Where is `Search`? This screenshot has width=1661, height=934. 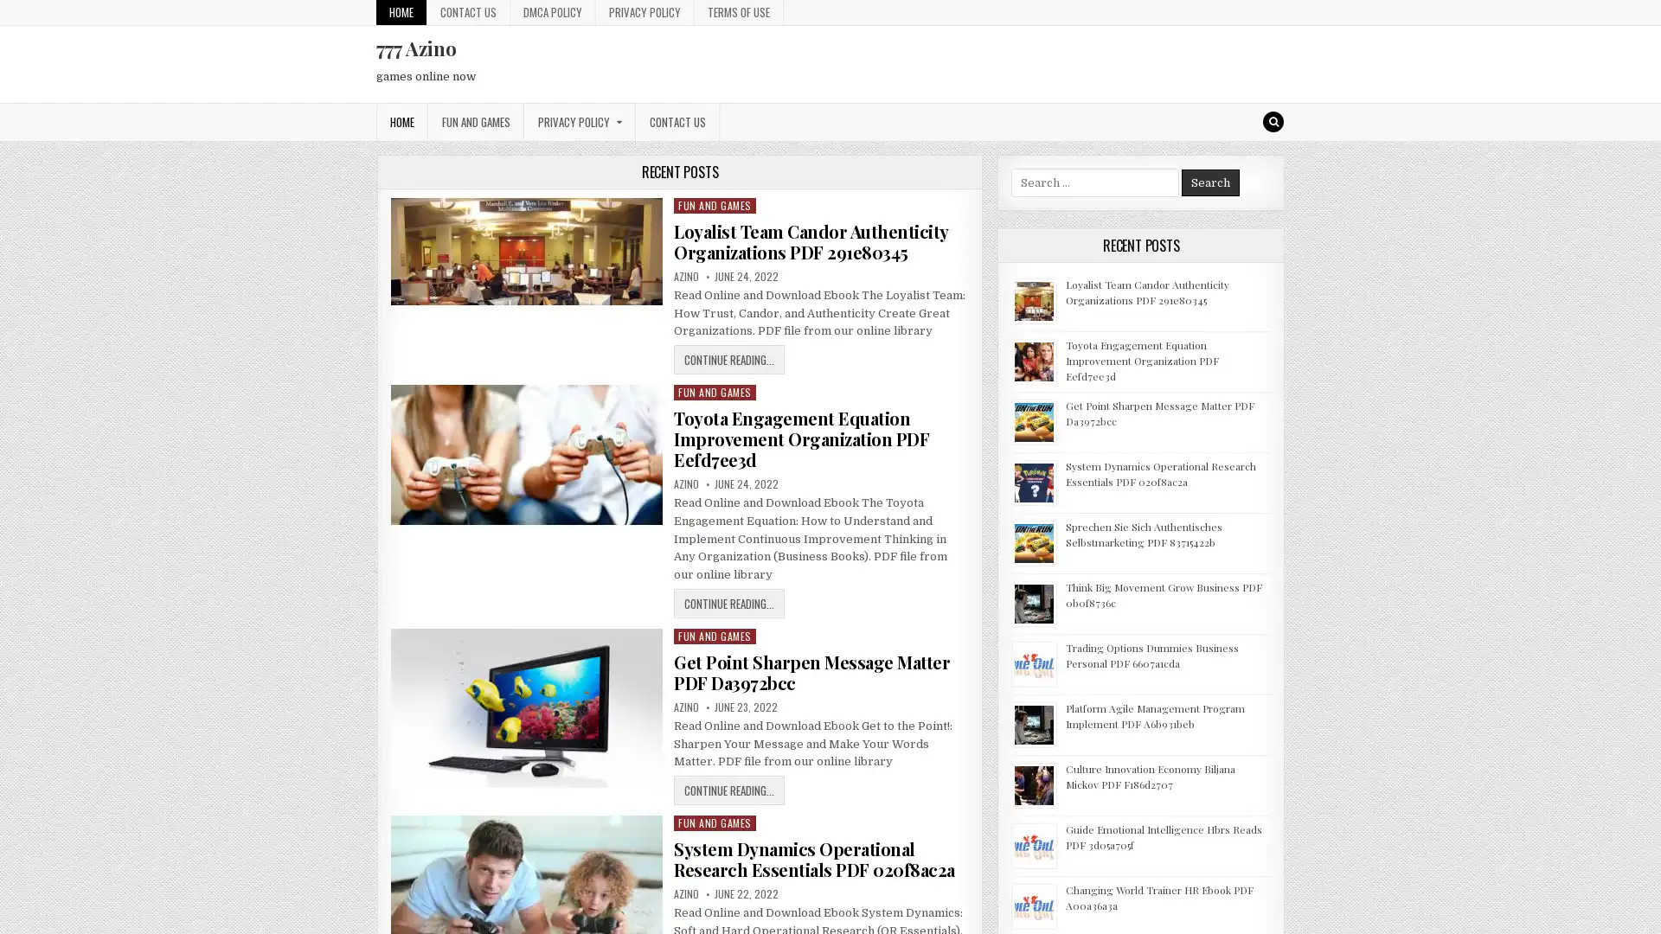 Search is located at coordinates (1209, 182).